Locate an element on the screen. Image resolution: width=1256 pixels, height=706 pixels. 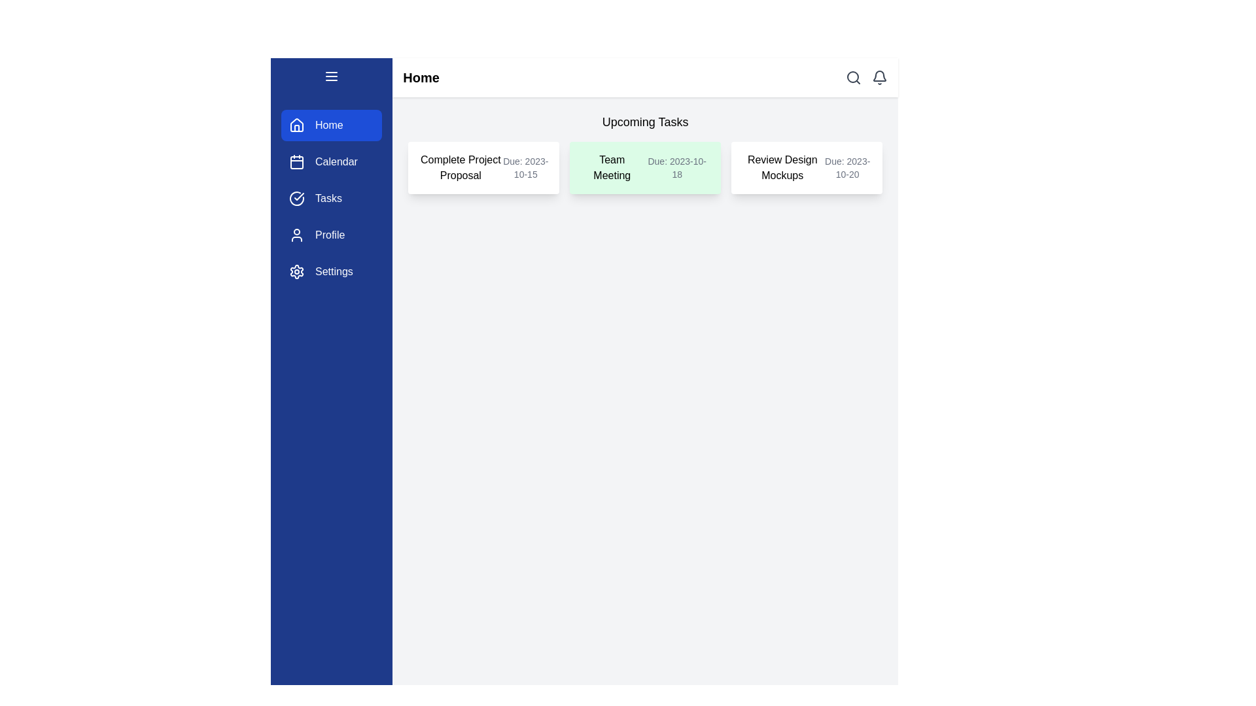
the circular task completion indicator icon with a checkmark located to the far left in the navigation menu, next to the 'Tasks' text is located at coordinates (296, 199).